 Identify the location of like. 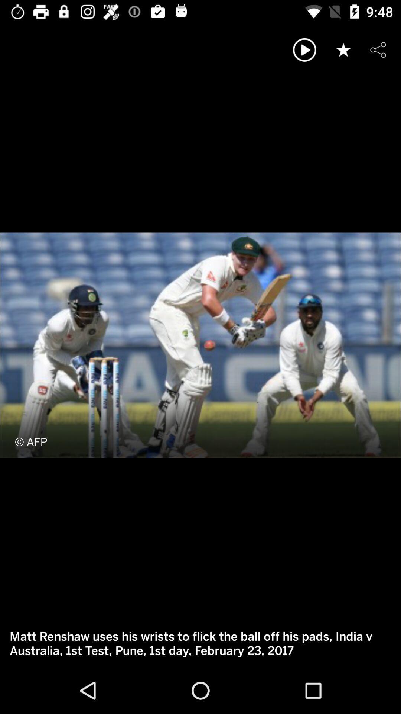
(343, 49).